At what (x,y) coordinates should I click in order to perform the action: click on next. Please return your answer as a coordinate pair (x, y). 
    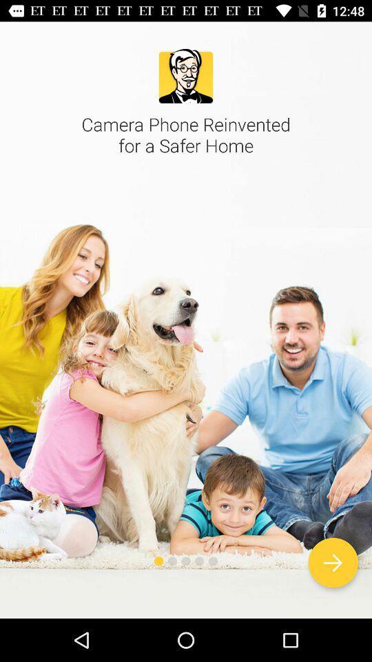
    Looking at the image, I should click on (332, 563).